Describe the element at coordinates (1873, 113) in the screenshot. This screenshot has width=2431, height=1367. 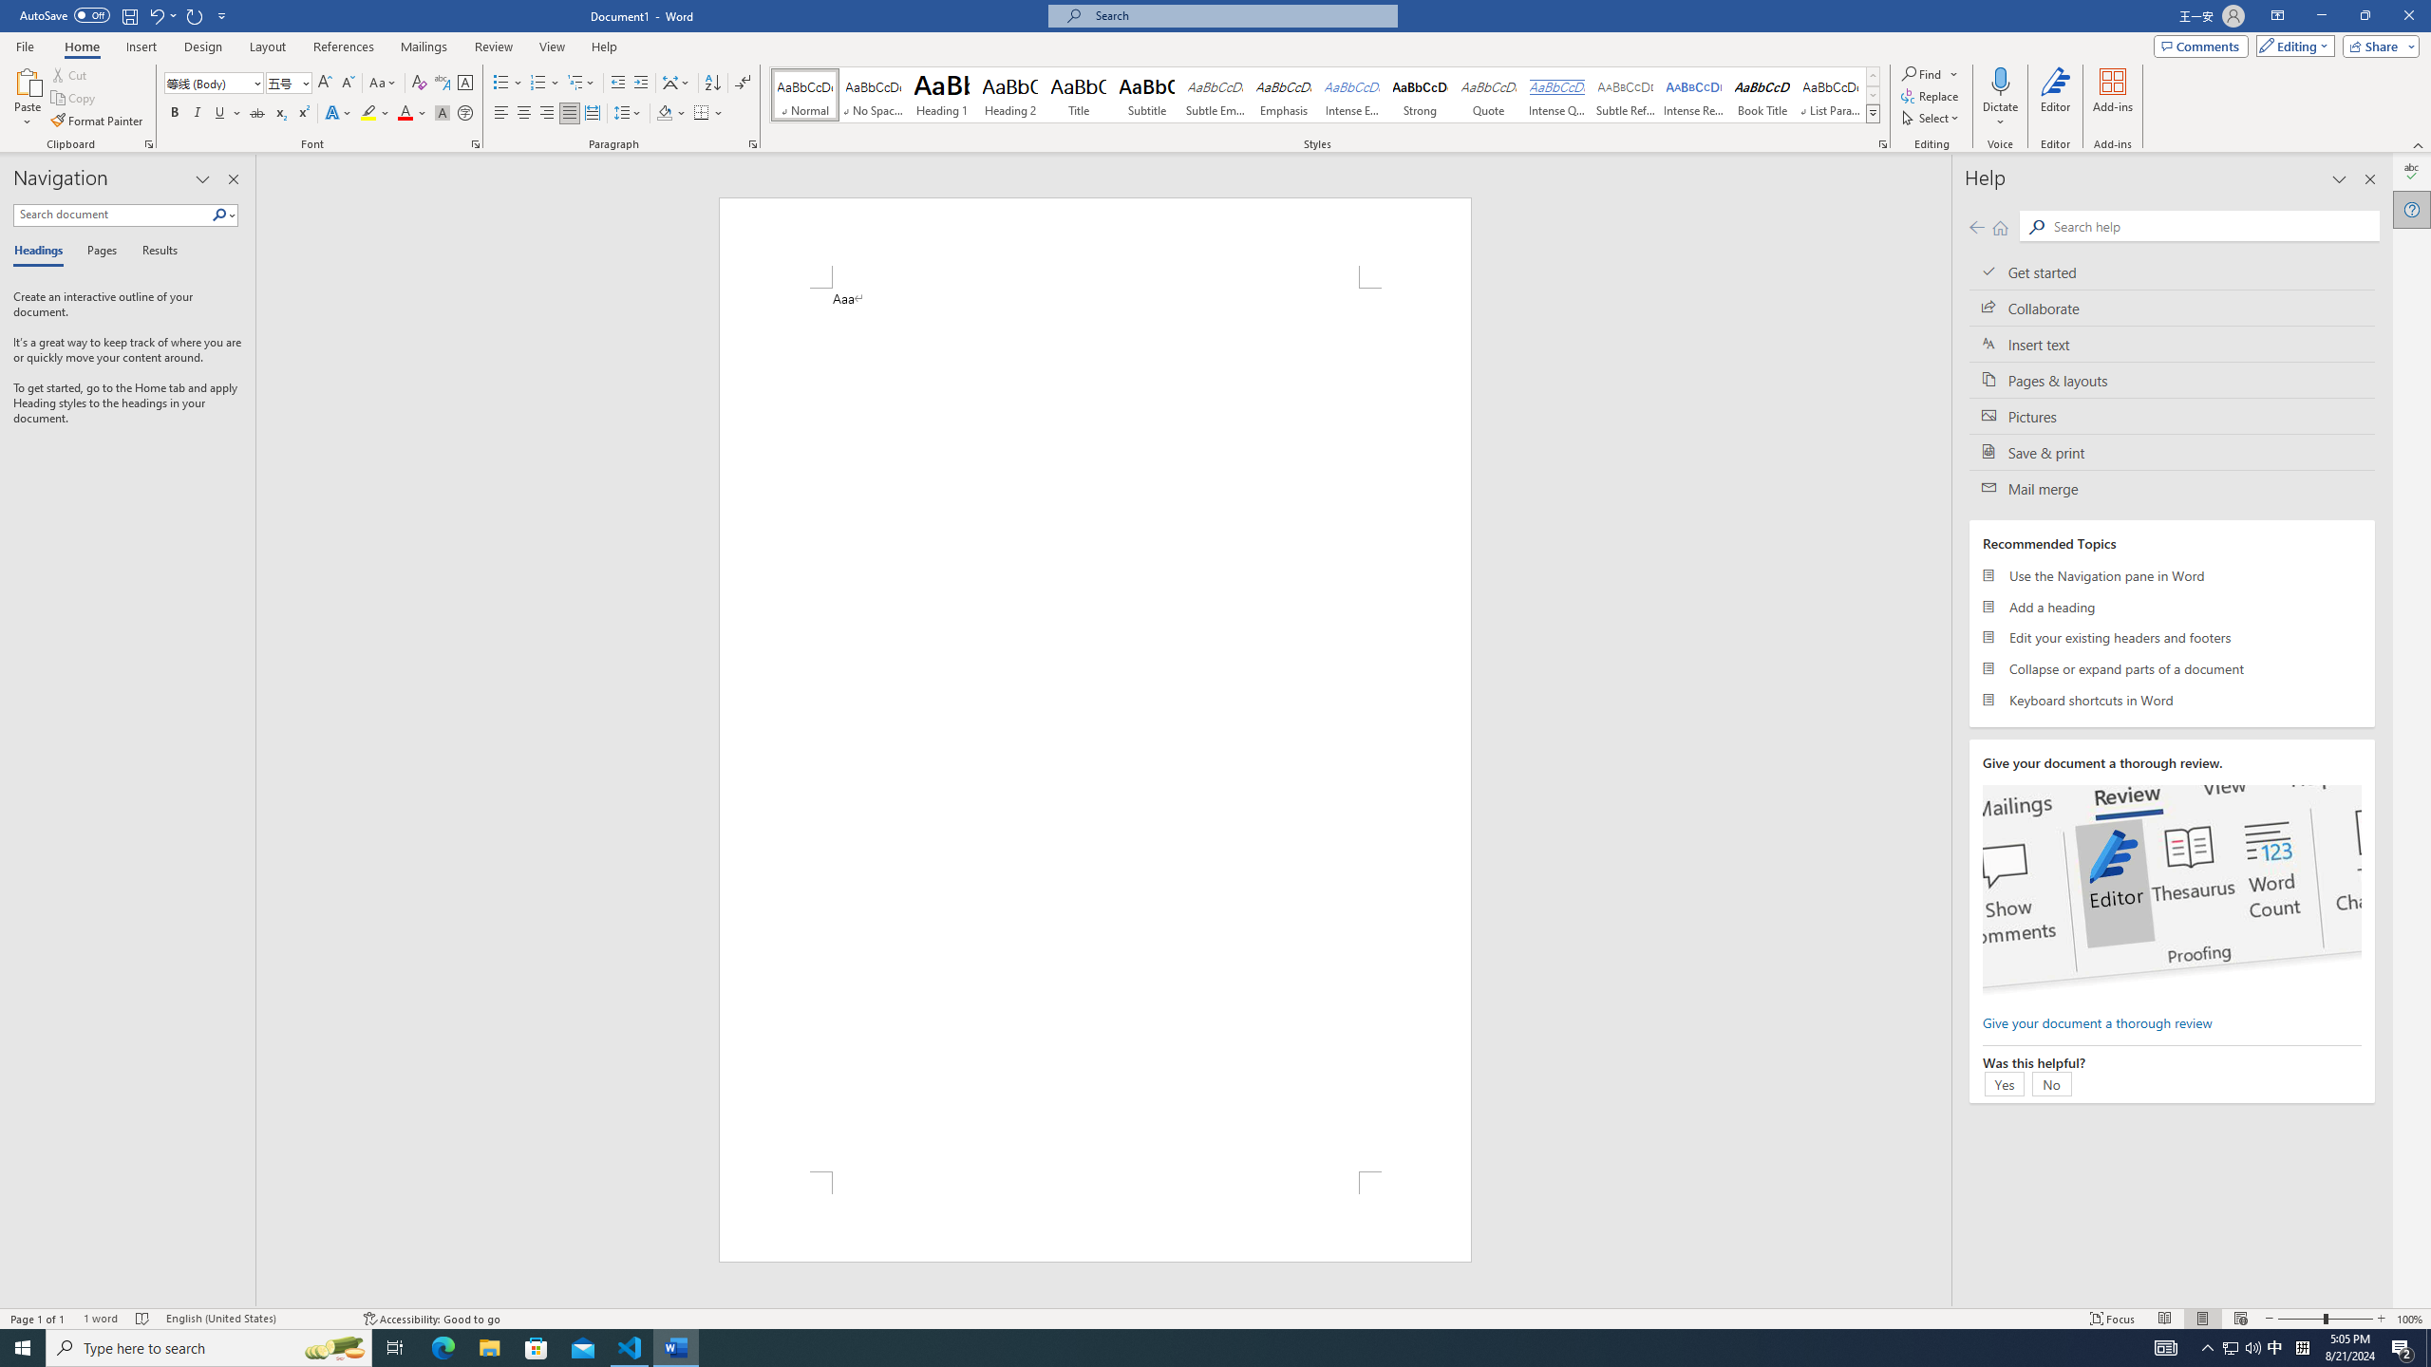
I see `'Class: NetUIImage'` at that location.